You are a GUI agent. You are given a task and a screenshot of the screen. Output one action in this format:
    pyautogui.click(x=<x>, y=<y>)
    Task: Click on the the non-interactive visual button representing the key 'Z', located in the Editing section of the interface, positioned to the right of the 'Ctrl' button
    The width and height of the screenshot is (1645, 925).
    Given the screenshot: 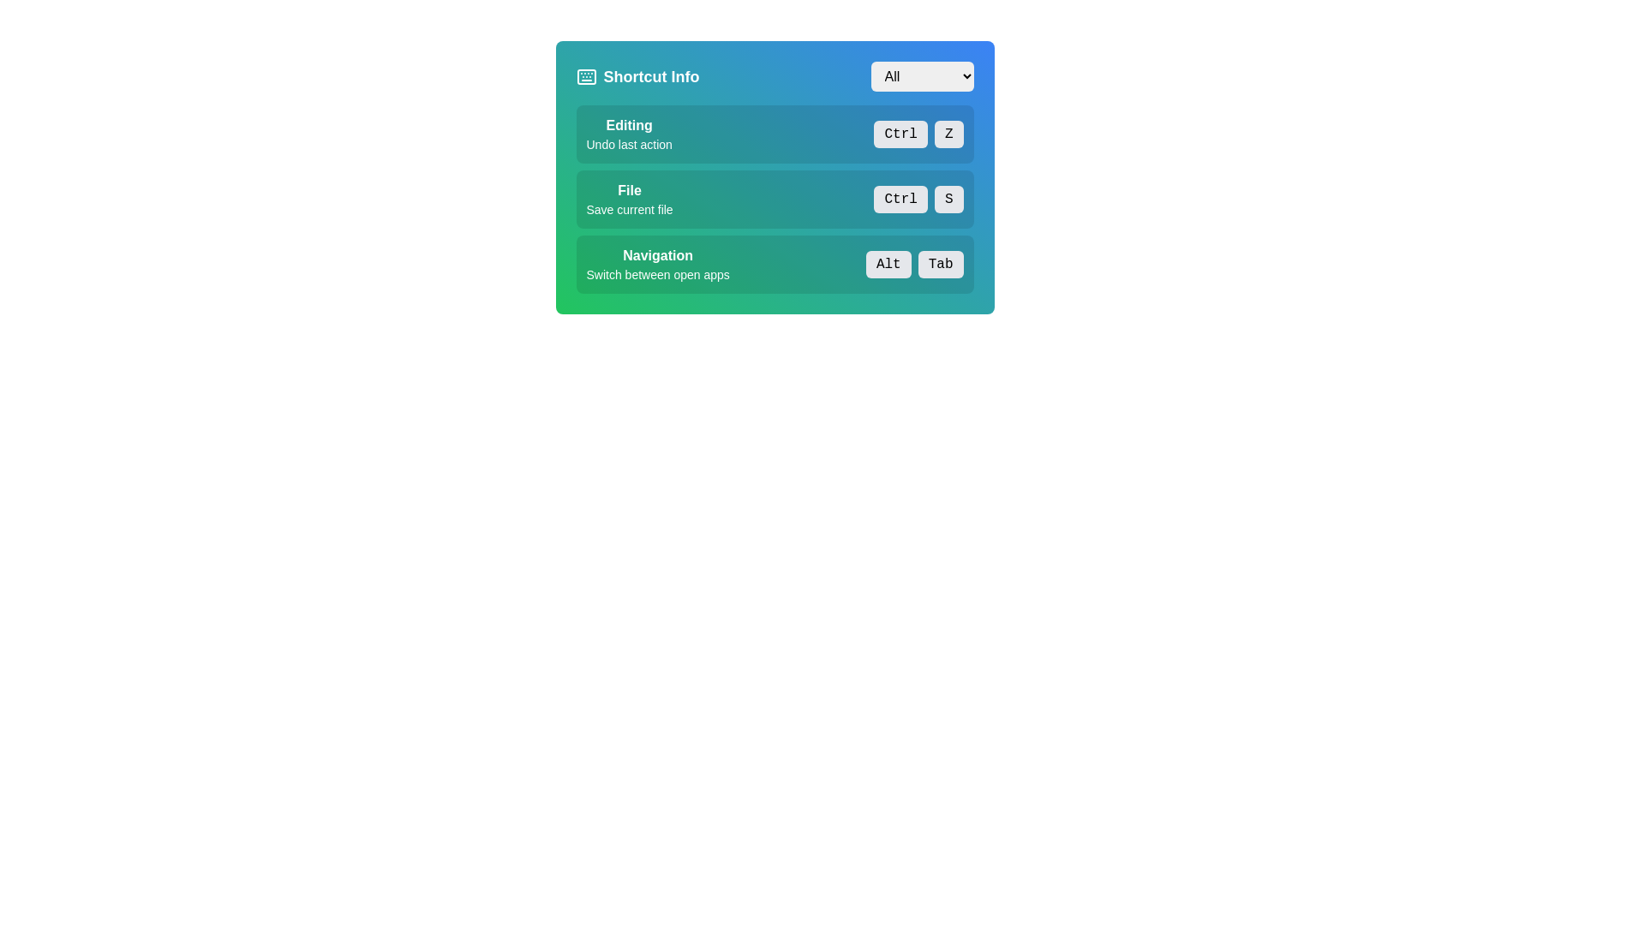 What is the action you would take?
    pyautogui.click(x=948, y=134)
    